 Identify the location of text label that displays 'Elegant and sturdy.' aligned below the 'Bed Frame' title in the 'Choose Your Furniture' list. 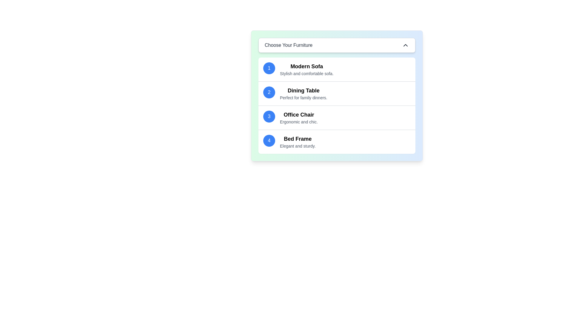
(298, 146).